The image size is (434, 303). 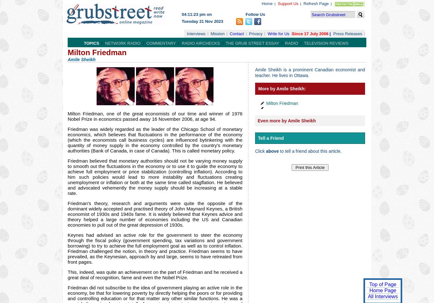 What do you see at coordinates (383, 290) in the screenshot?
I see `'Home Page'` at bounding box center [383, 290].